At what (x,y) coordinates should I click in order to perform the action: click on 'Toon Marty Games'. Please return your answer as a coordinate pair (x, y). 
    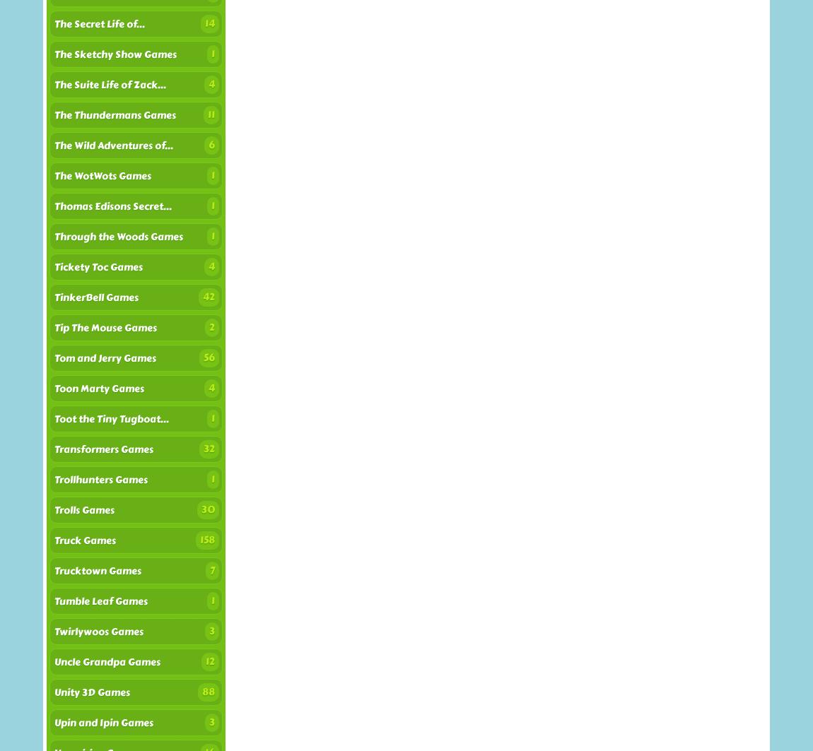
    Looking at the image, I should click on (98, 388).